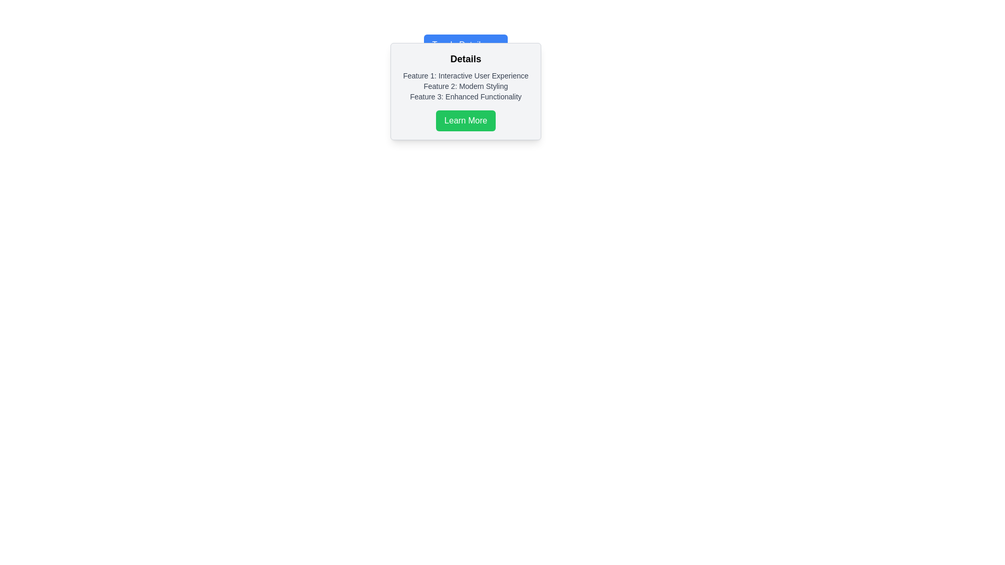  I want to click on the interactive button located at the bottom of the informational content pane, so click(465, 120).